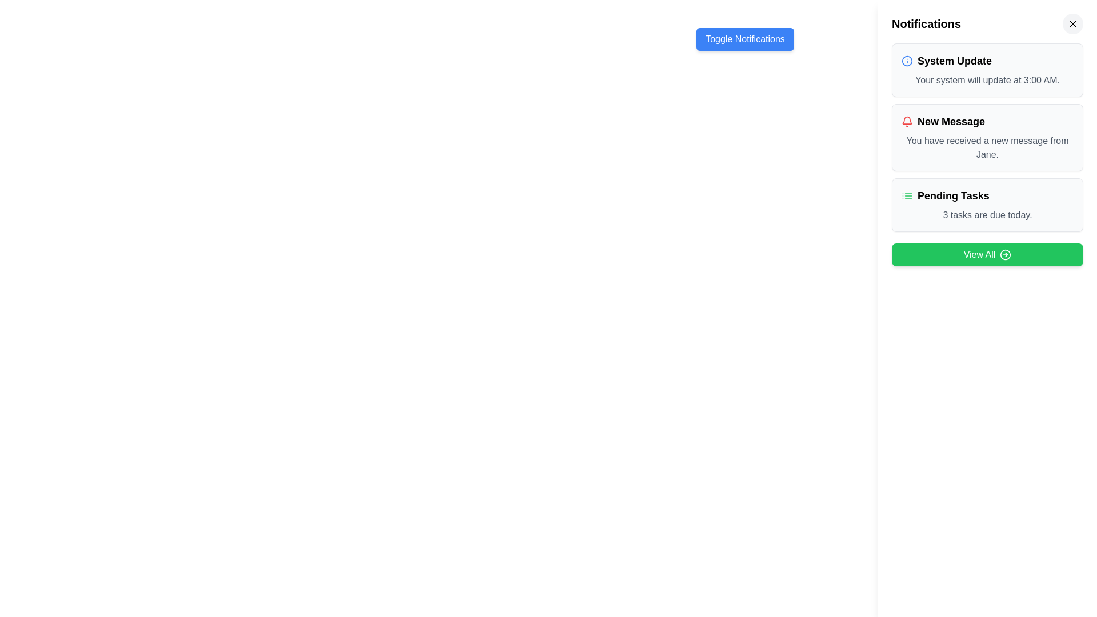  Describe the element at coordinates (987, 254) in the screenshot. I see `the green rectangular button with white text saying 'View All' and a rightward arrow icon` at that location.